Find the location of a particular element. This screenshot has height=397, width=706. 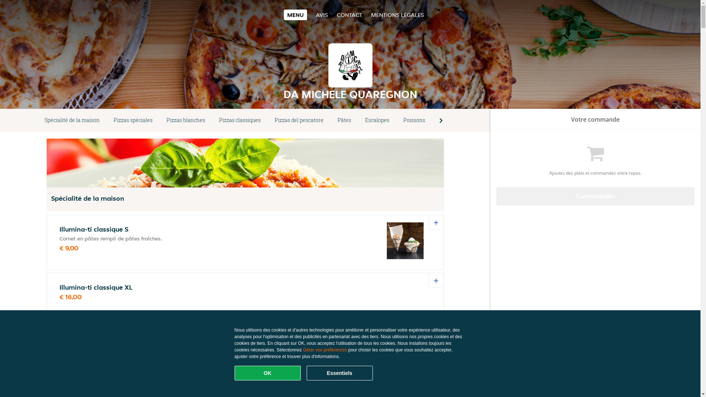

'Pizzas blanches' is located at coordinates (186, 120).